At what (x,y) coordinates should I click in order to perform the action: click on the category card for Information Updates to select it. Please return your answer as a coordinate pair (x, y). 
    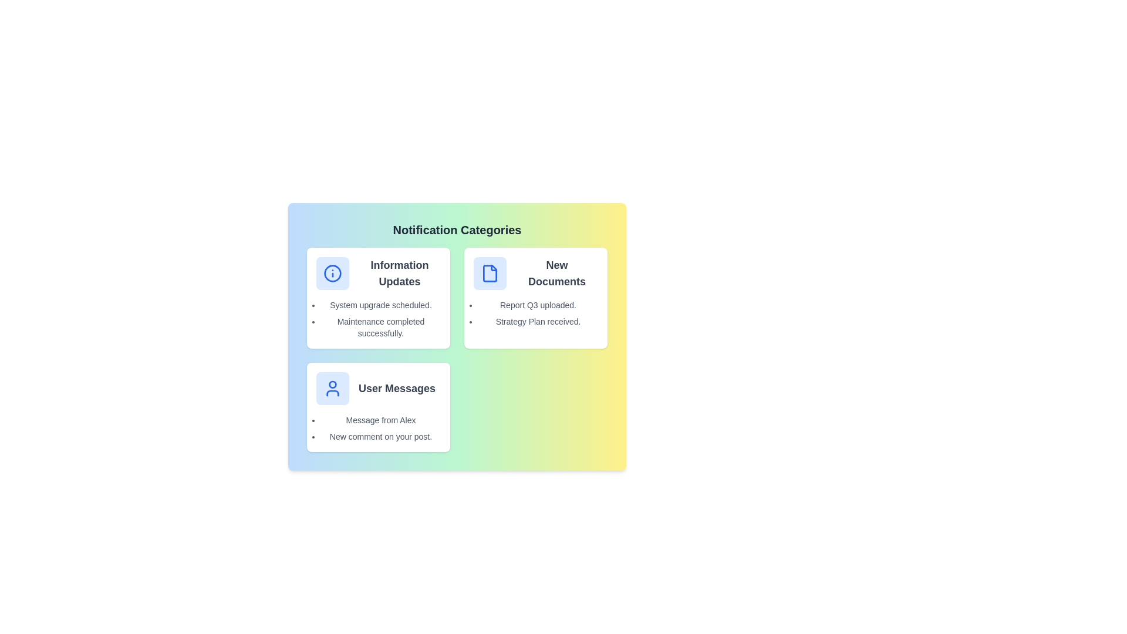
    Looking at the image, I should click on (378, 298).